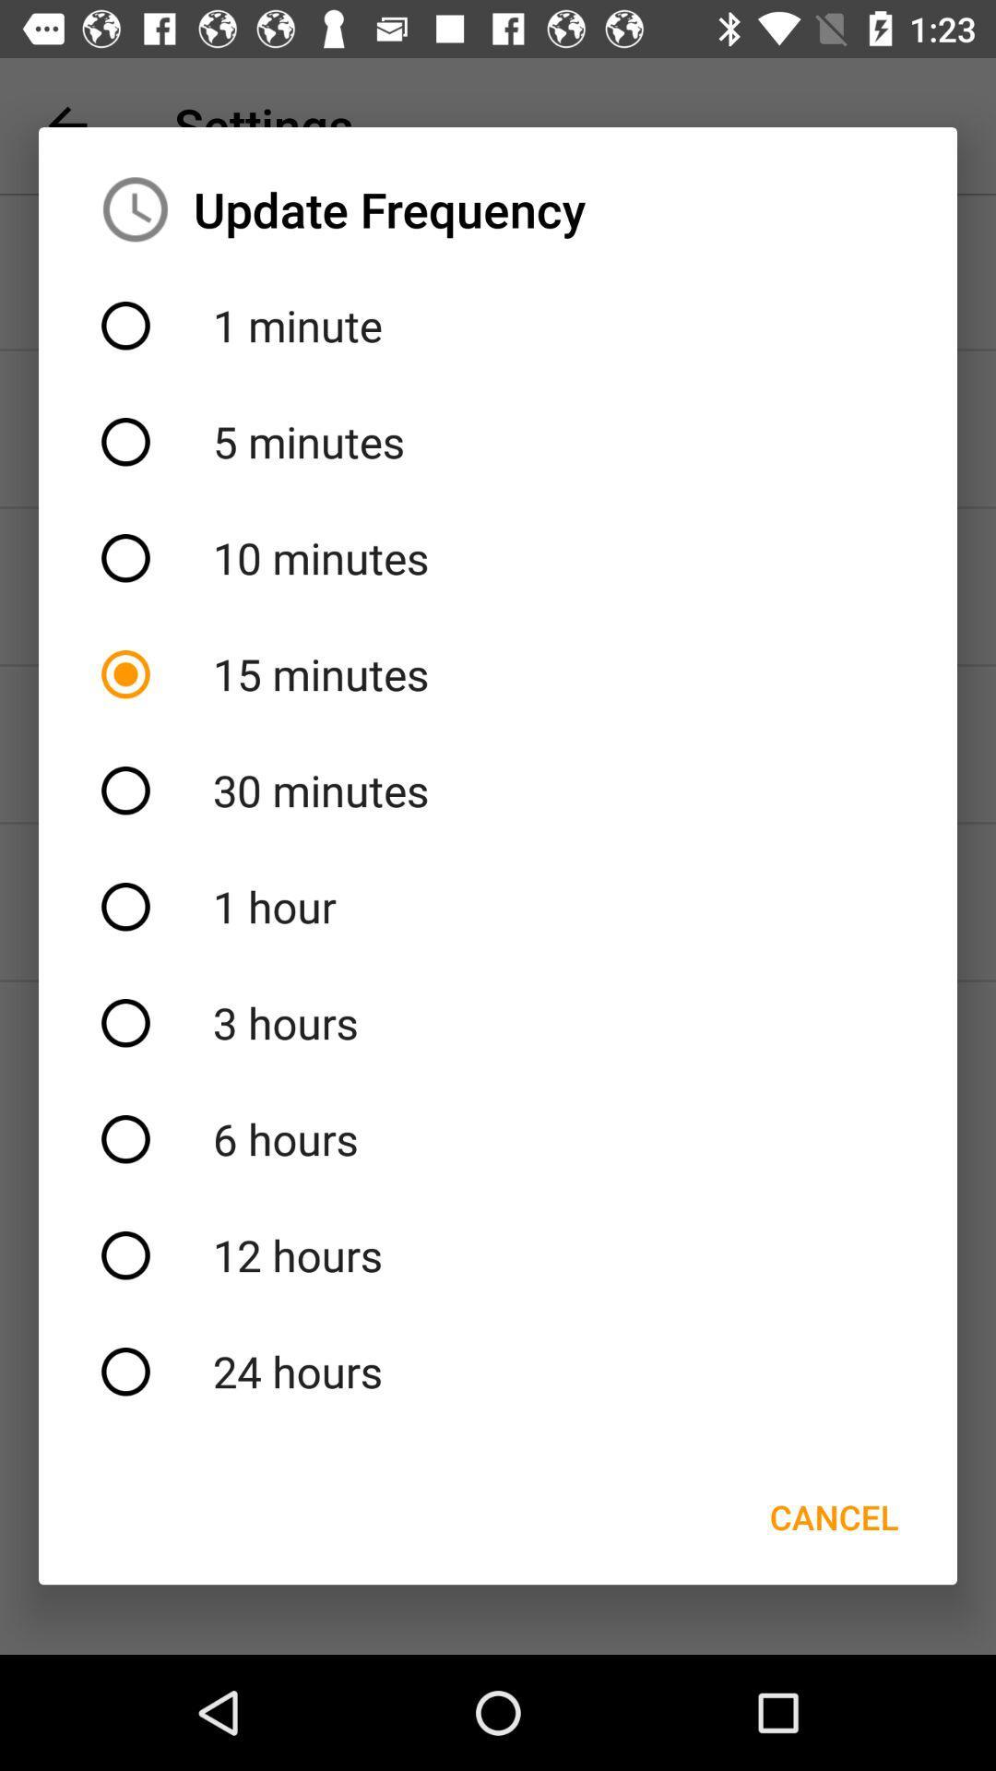 The image size is (996, 1771). Describe the element at coordinates (498, 441) in the screenshot. I see `5 minutes item` at that location.